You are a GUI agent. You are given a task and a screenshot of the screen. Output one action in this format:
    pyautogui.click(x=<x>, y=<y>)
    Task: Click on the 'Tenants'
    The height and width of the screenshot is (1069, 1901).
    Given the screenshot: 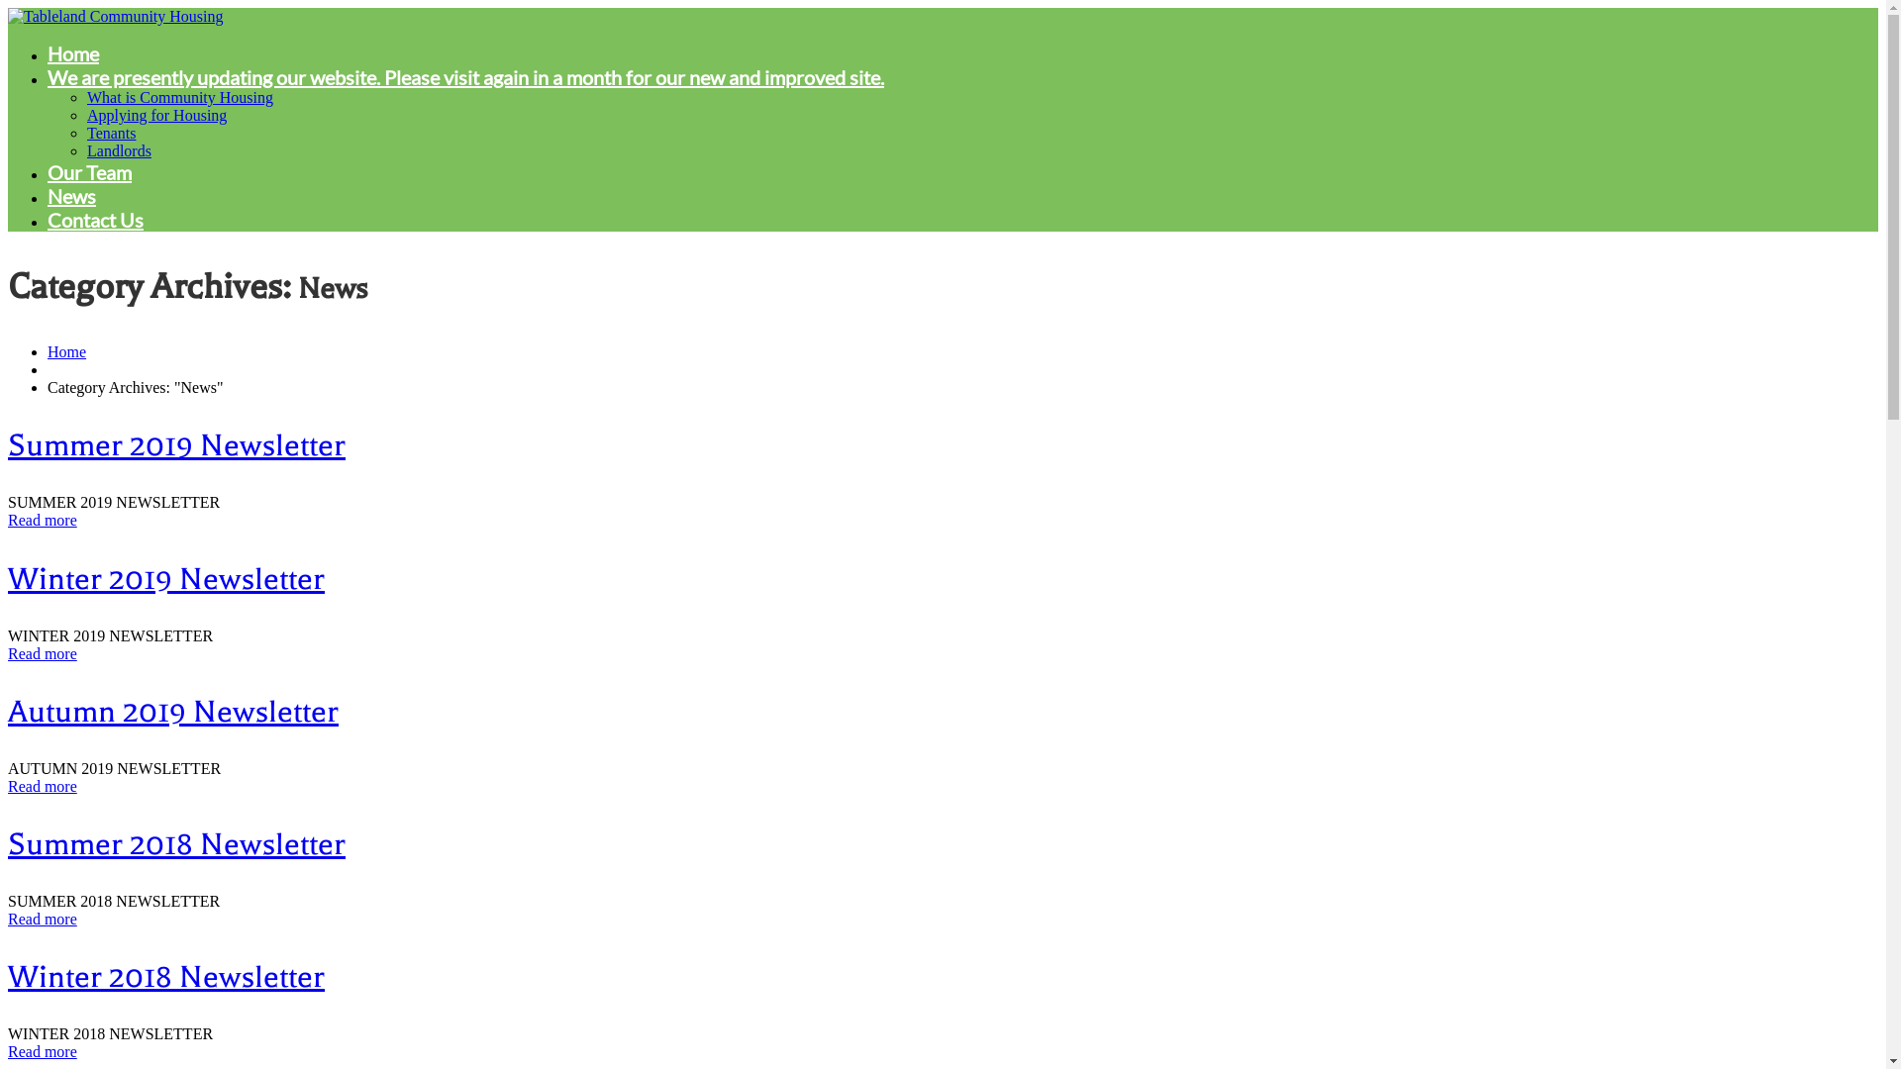 What is the action you would take?
    pyautogui.click(x=111, y=133)
    